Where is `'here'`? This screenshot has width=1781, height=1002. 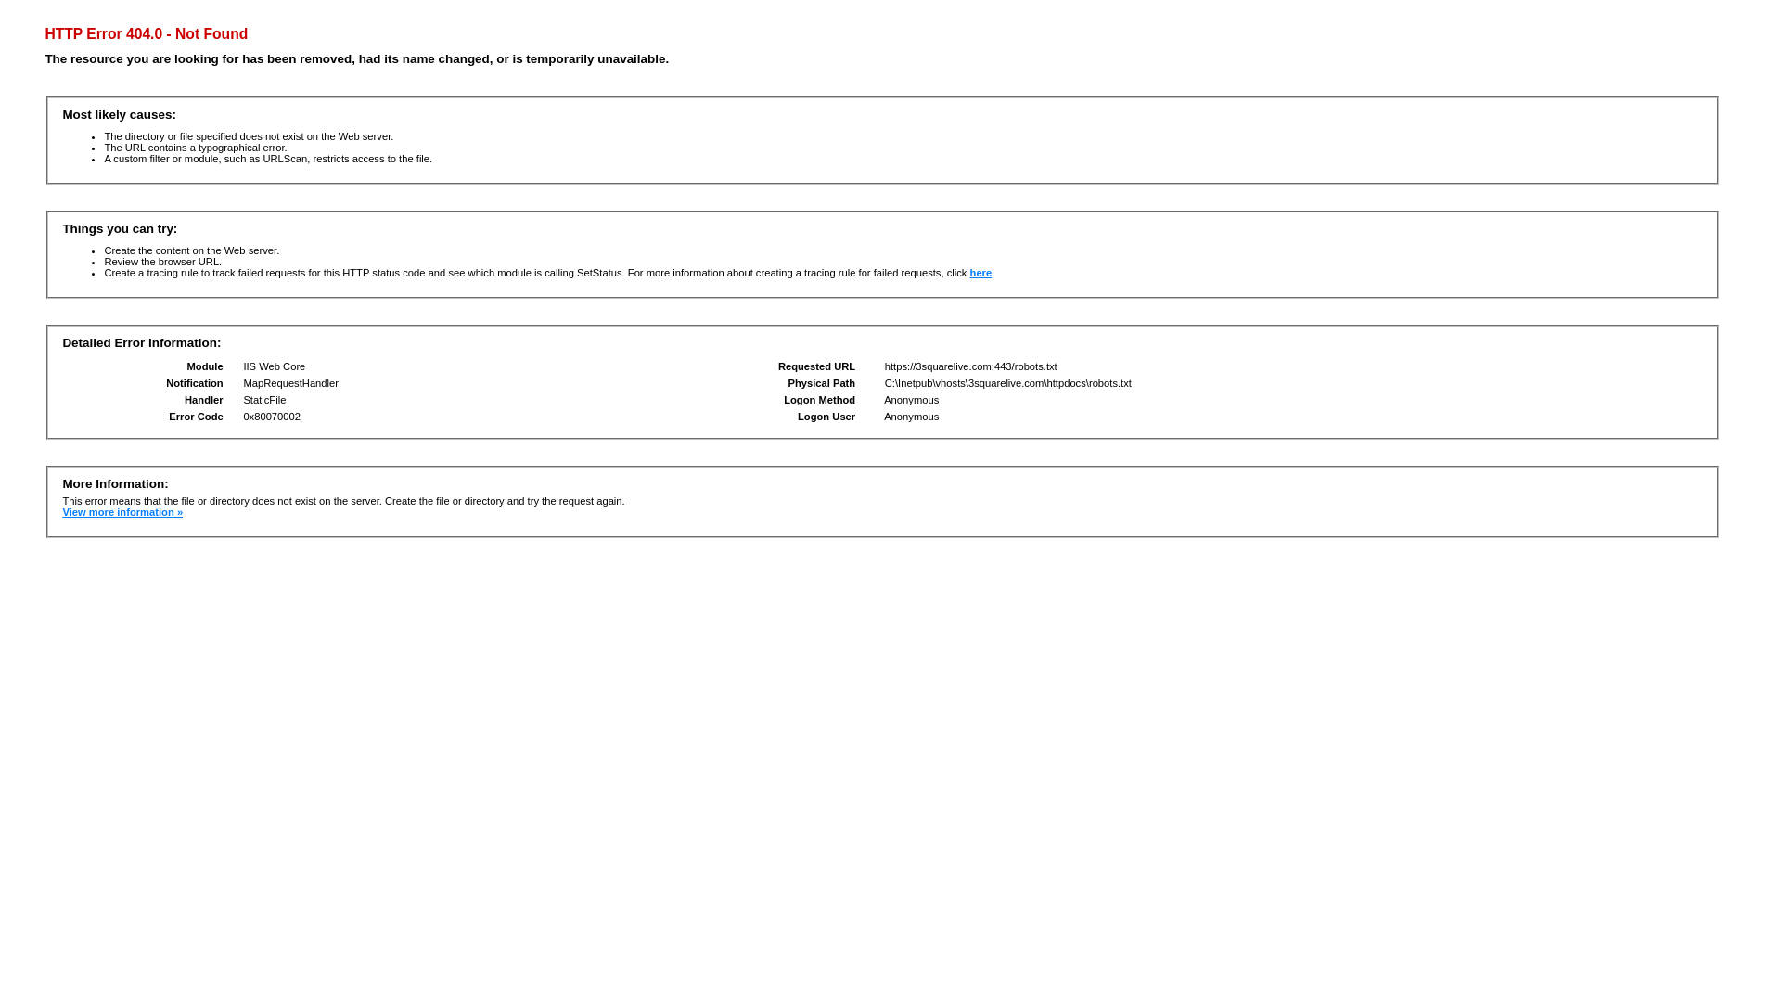 'here' is located at coordinates (969, 272).